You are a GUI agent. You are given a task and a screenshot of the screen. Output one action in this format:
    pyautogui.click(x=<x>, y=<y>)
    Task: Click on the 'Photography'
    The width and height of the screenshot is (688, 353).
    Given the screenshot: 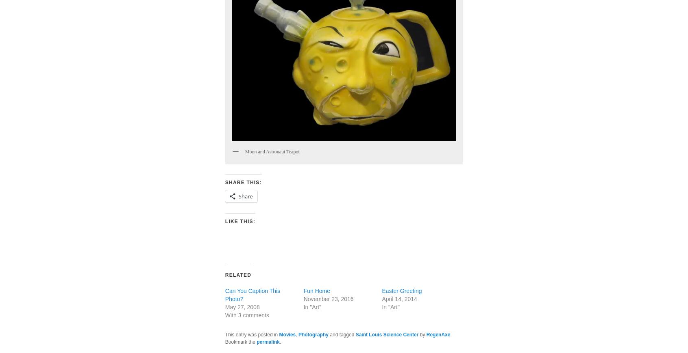 What is the action you would take?
    pyautogui.click(x=297, y=334)
    